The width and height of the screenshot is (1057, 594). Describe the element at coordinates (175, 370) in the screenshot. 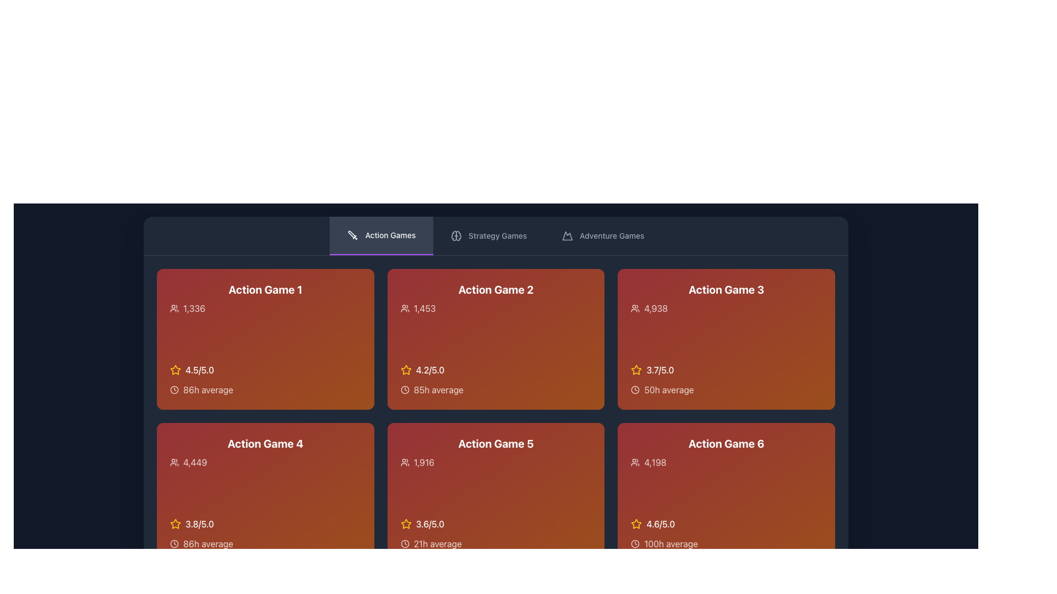

I see `the yellow star-shaped icon indicating the rating for 'Action Game 1', which is located next to the text '4.5/5.0'` at that location.